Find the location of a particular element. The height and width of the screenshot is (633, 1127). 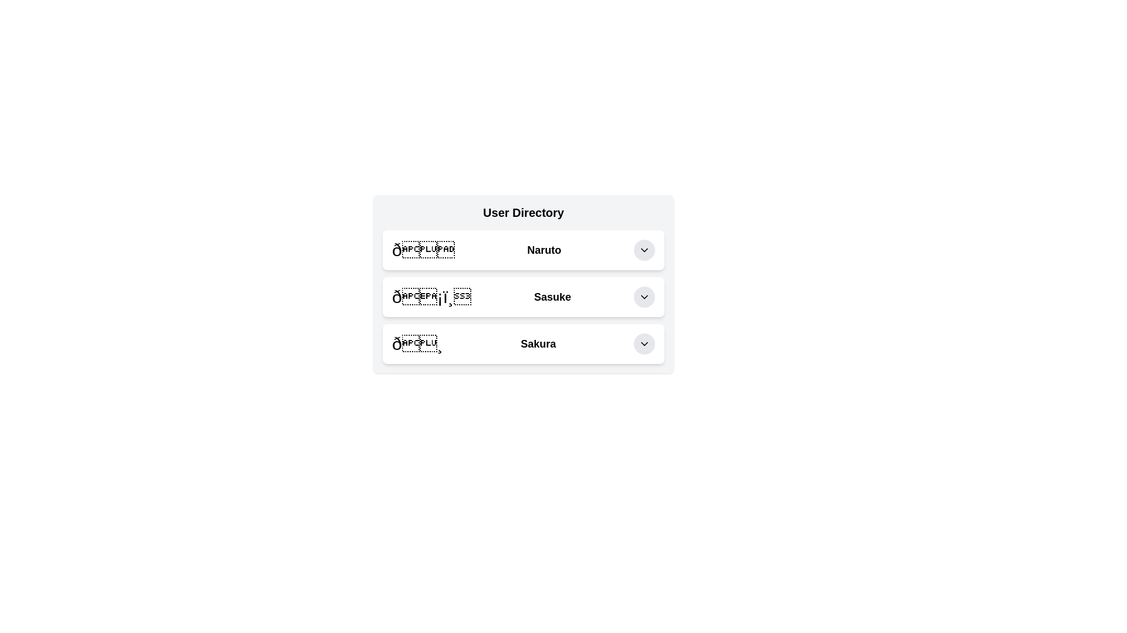

the downwards-pointing chevron arrow icon within the light gray button next to the name 'Naruto' for potential visual feedback is located at coordinates (644, 250).